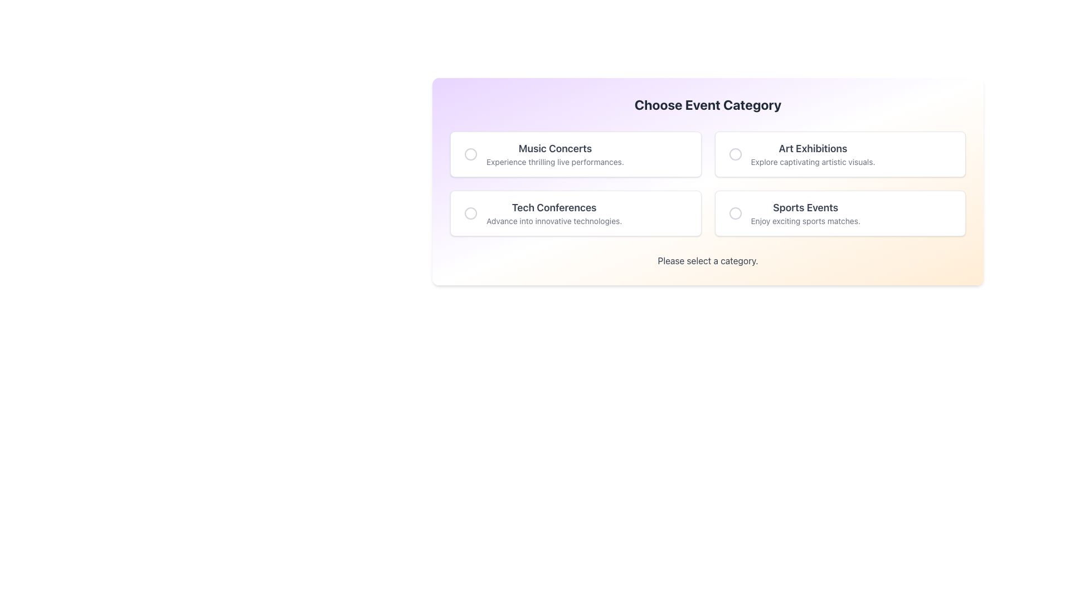 The height and width of the screenshot is (602, 1070). What do you see at coordinates (735, 154) in the screenshot?
I see `Circle with a stroke, representing an unselected radio button indicator, located within the 'Art Exhibitions' card in the top-right section of the grid` at bounding box center [735, 154].